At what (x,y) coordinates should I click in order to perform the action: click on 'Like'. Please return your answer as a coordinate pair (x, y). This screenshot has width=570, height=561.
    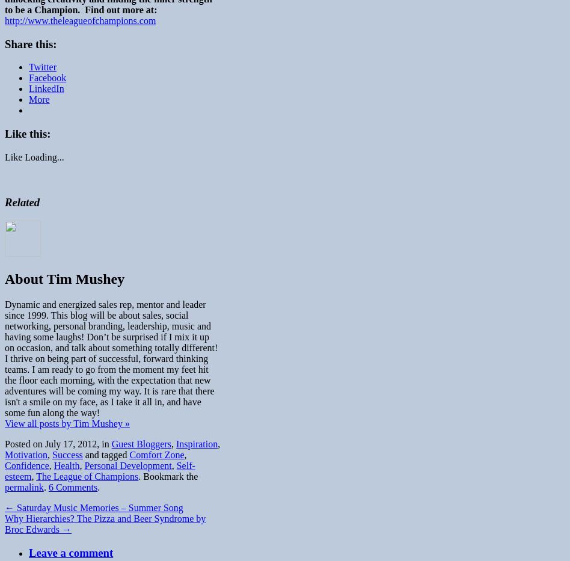
    Looking at the image, I should click on (13, 156).